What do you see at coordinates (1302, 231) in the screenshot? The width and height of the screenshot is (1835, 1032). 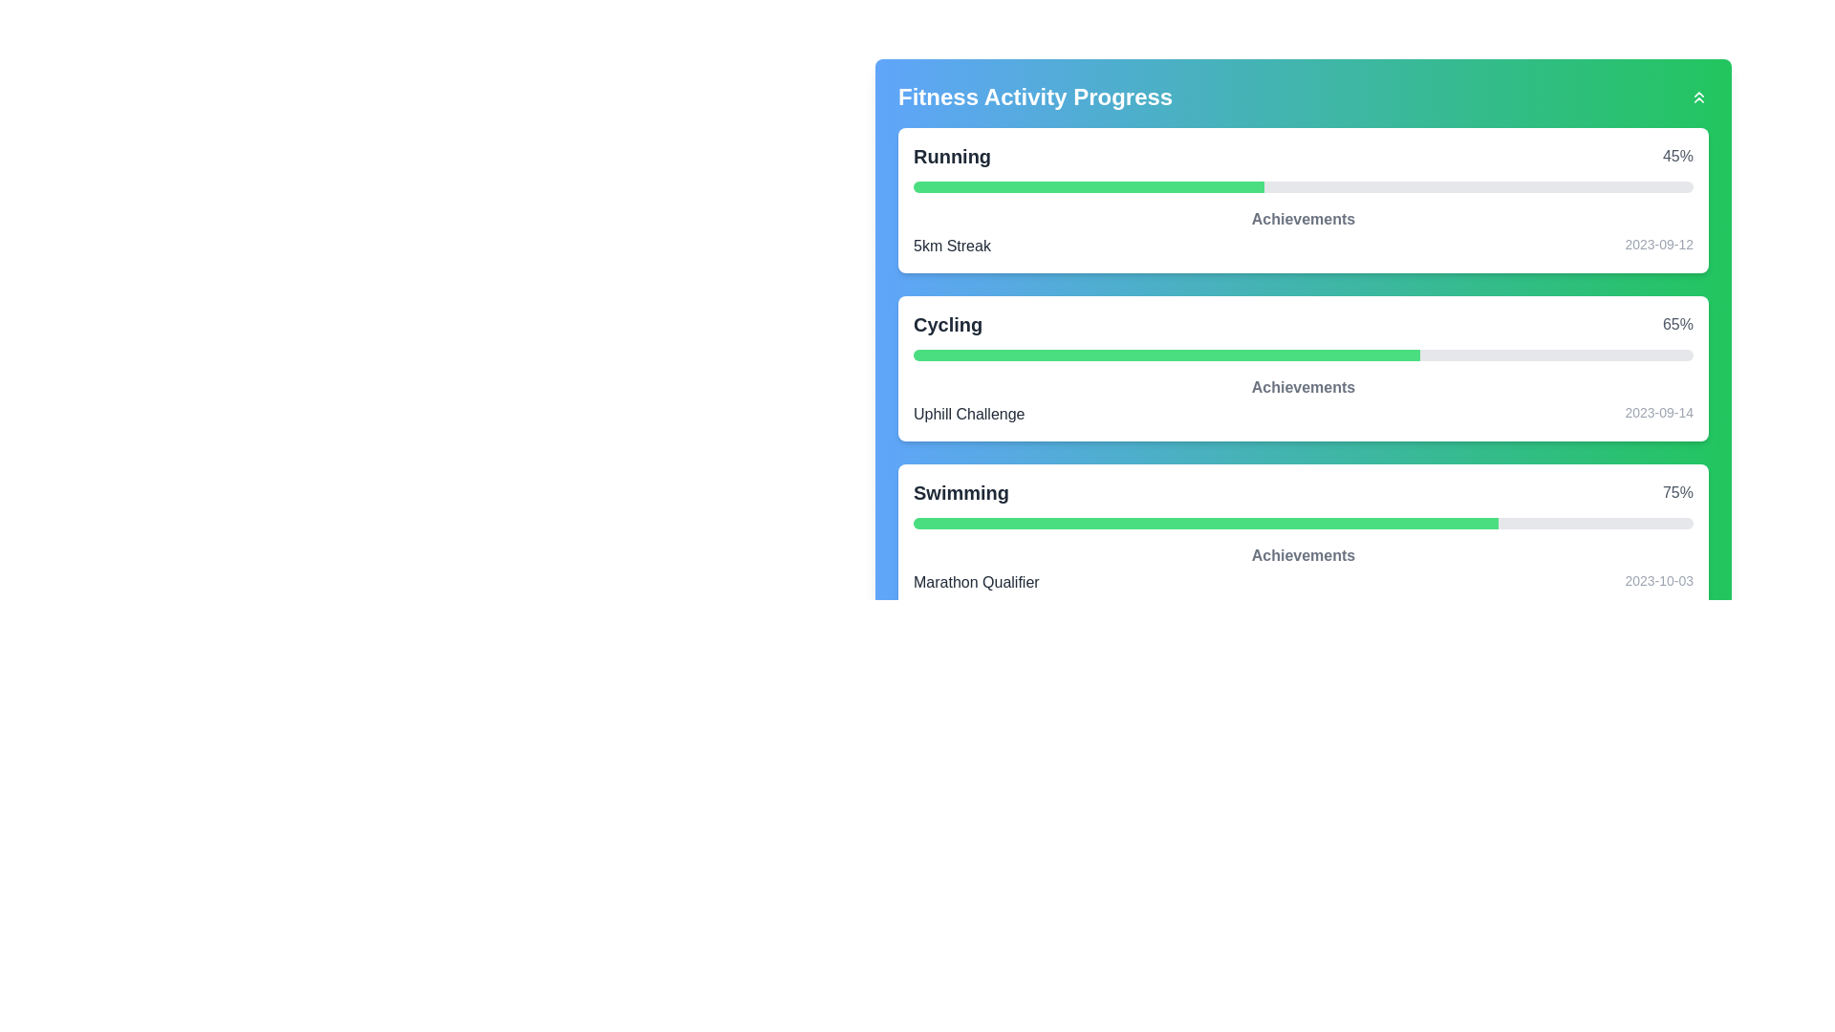 I see `the text label that serves as a section subheading for the achievements '5km Streak' and '2023-09-12', which is positioned under the progress bar and header text 'Running'` at bounding box center [1302, 231].